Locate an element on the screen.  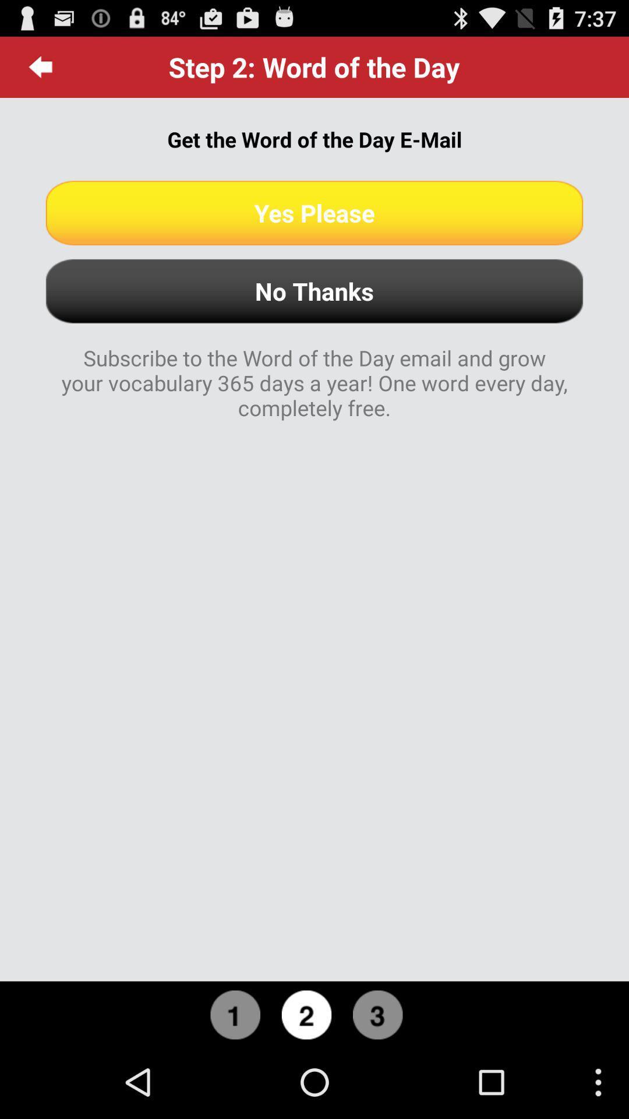
icon to the left of the step 2 word is located at coordinates (40, 66).